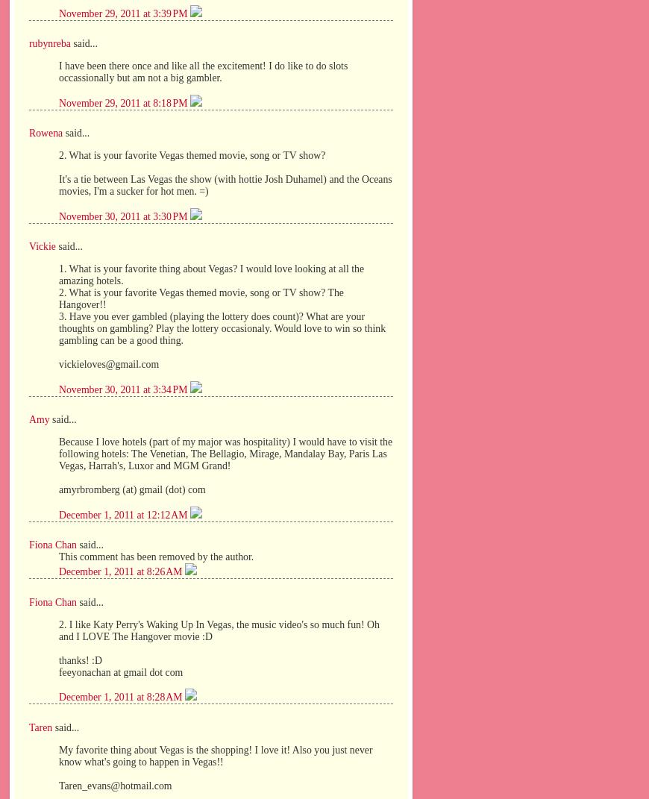  What do you see at coordinates (57, 454) in the screenshot?
I see `'Because I love hotels (part of my major was hospitality) I would have to visit the following hotels:  The Venetian, The Bellagio, Mirage, Mandalay Bay, Paris Las Vegas, Harrah's, Luxor and MGM Grand!'` at bounding box center [57, 454].